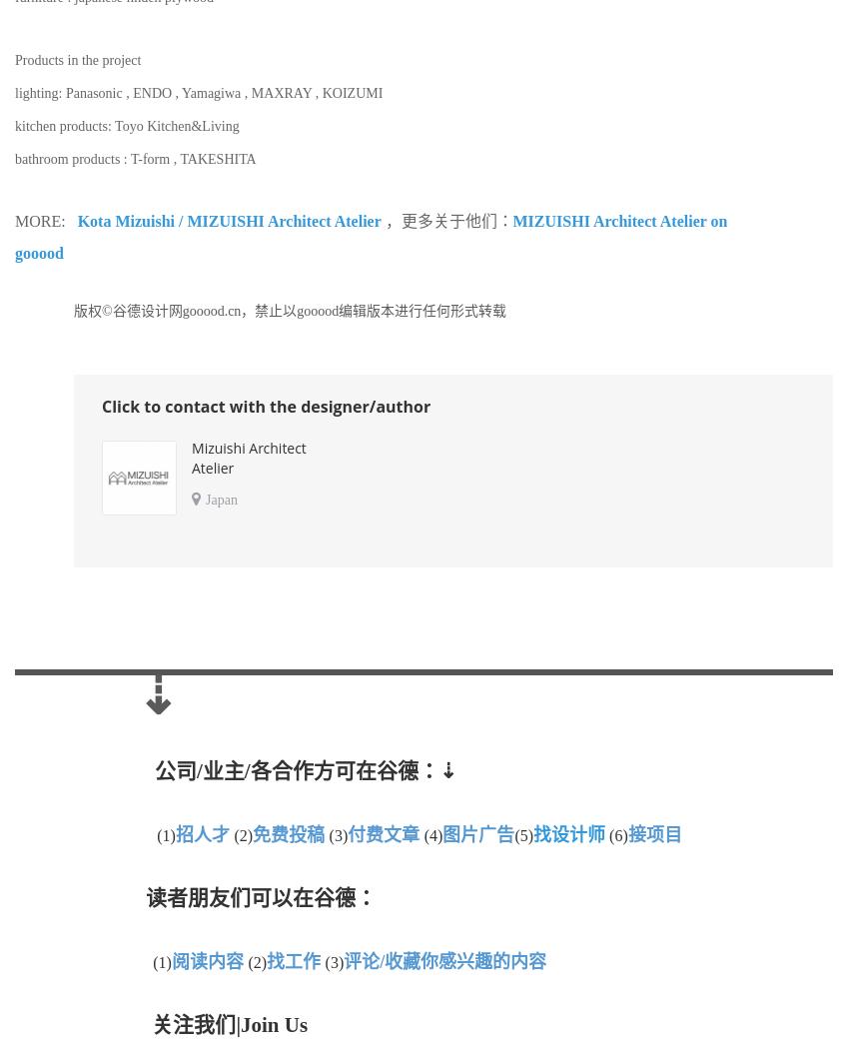 This screenshot has width=848, height=1055. I want to click on 'Kota Mizuishi / MIZUISHI Architect Atelier', so click(227, 219).